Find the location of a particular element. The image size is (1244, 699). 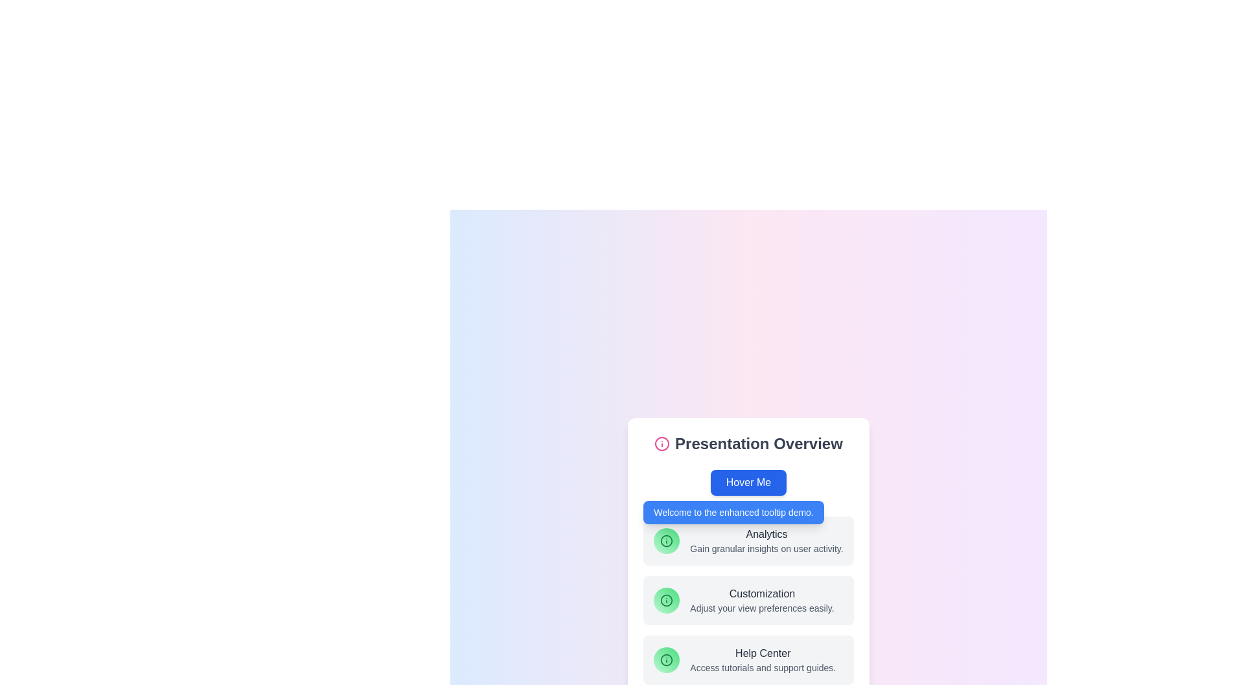

the circular information icon with a green gradient background, located to the left of the 'Analytics' label in the vertical list of icons is located at coordinates (667, 660).